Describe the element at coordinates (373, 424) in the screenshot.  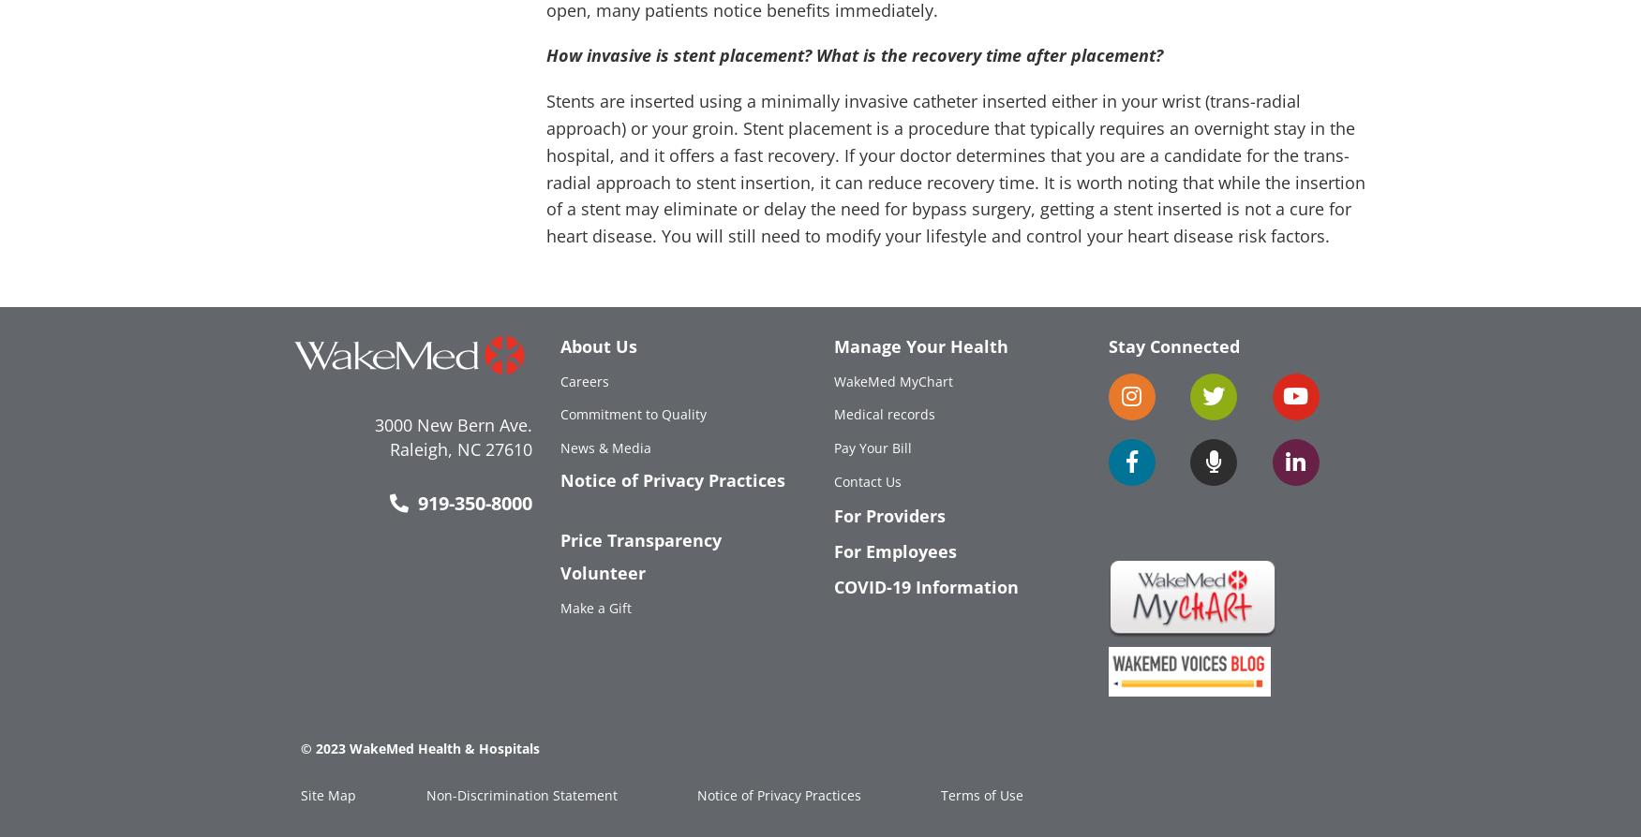
I see `'3000 New Bern Ave.'` at that location.